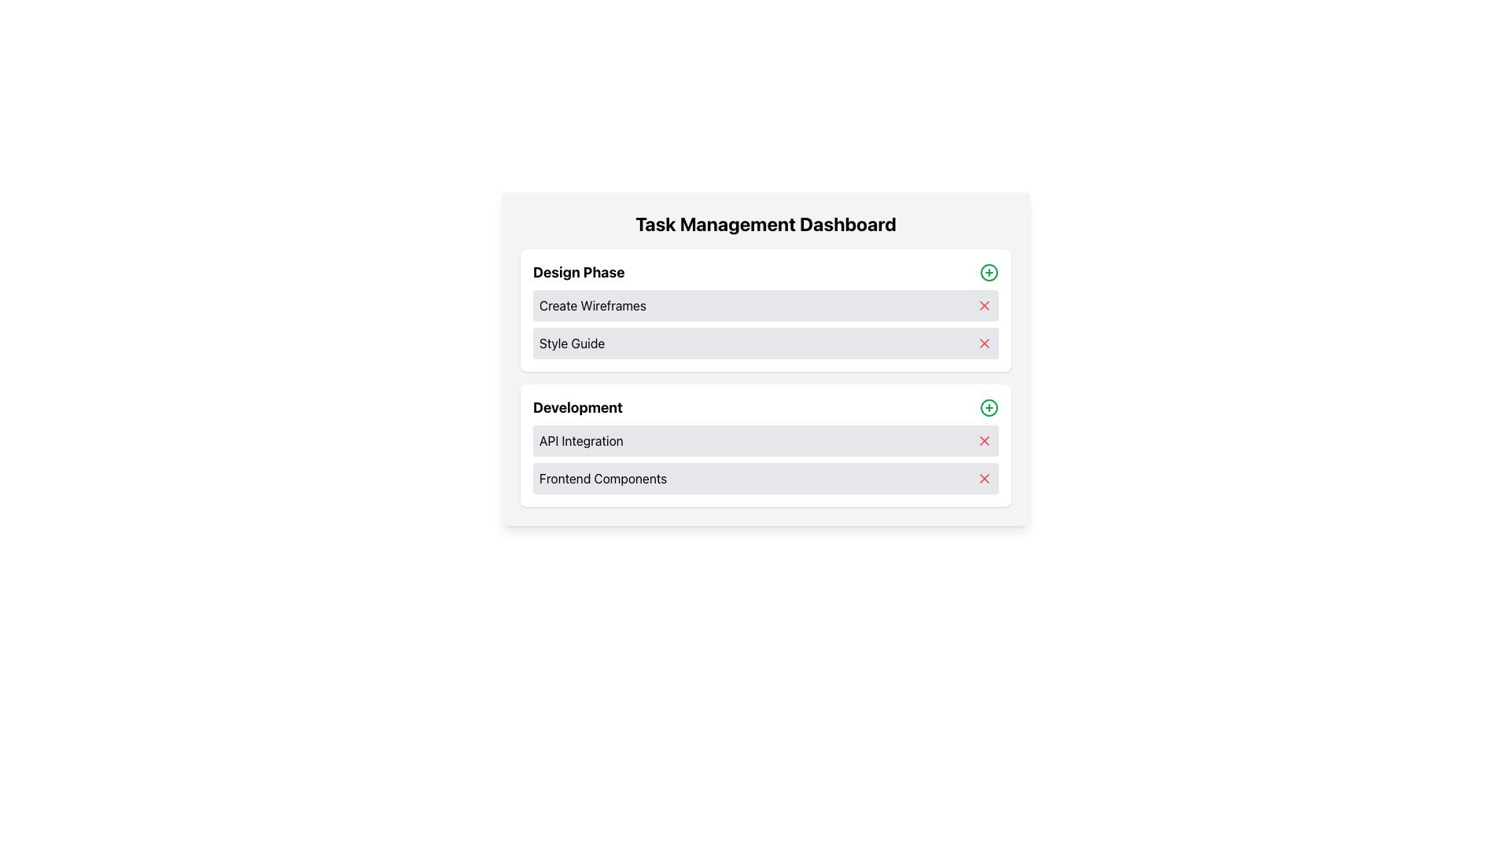  Describe the element at coordinates (984, 306) in the screenshot. I see `the red X Close Button located to the far right of the 'Create Wireframes' text` at that location.